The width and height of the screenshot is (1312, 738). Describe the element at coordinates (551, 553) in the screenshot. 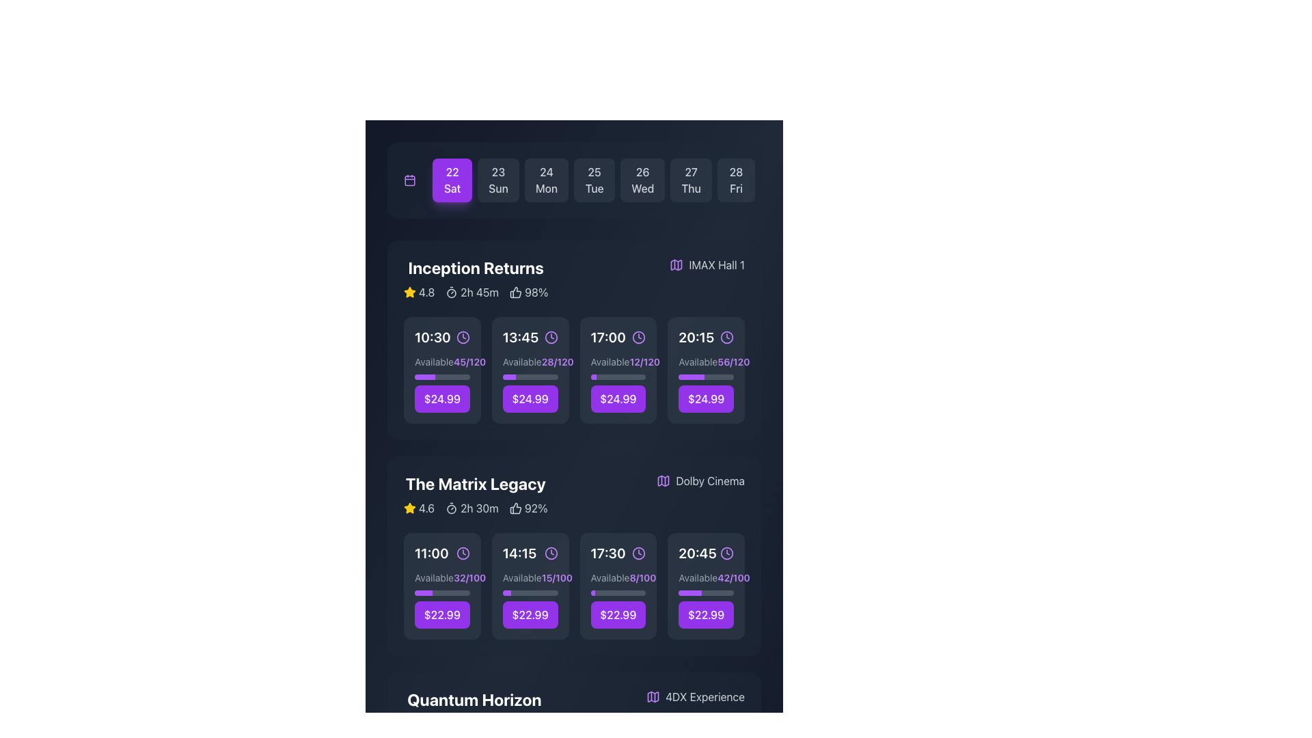

I see `the circular component of the SVG clock icon, which has a purple outline and is located next to the time label '14:15'` at that location.